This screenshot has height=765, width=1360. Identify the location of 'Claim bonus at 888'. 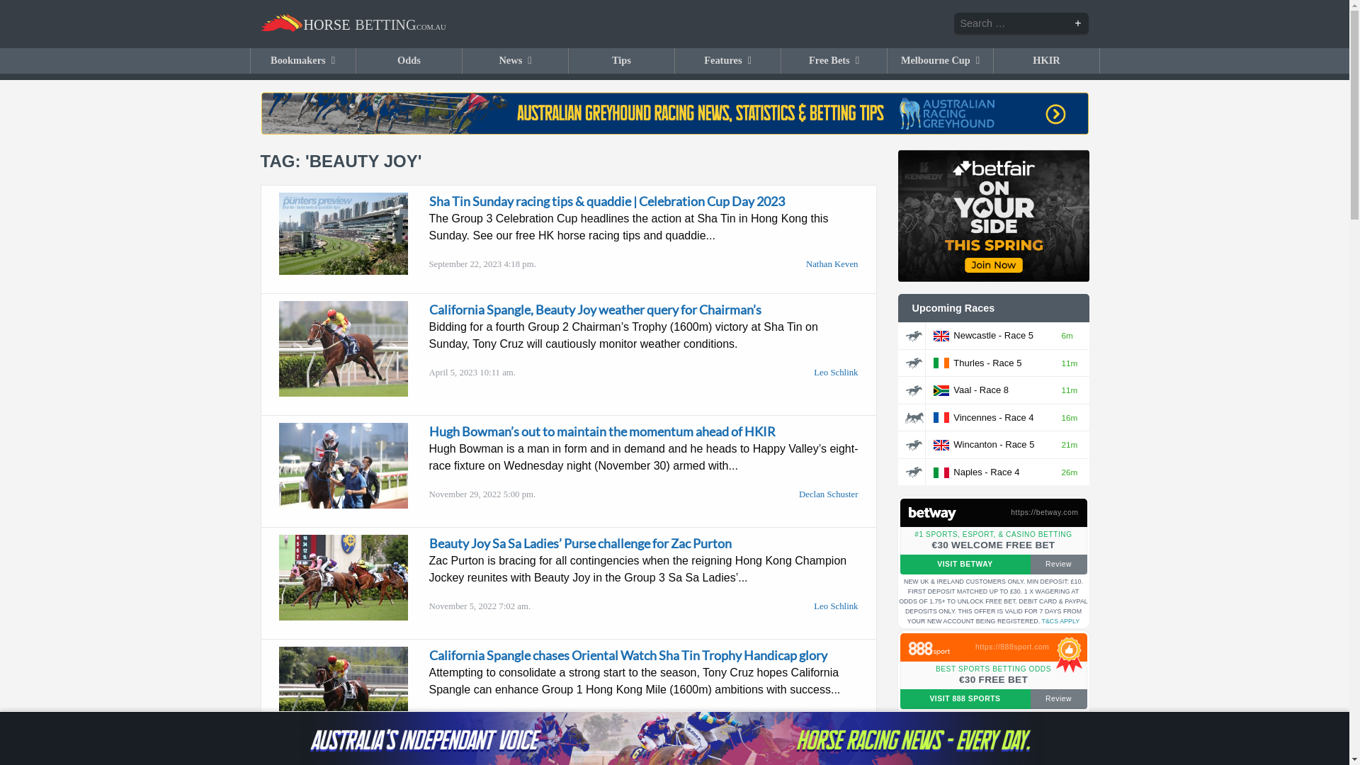
(936, 647).